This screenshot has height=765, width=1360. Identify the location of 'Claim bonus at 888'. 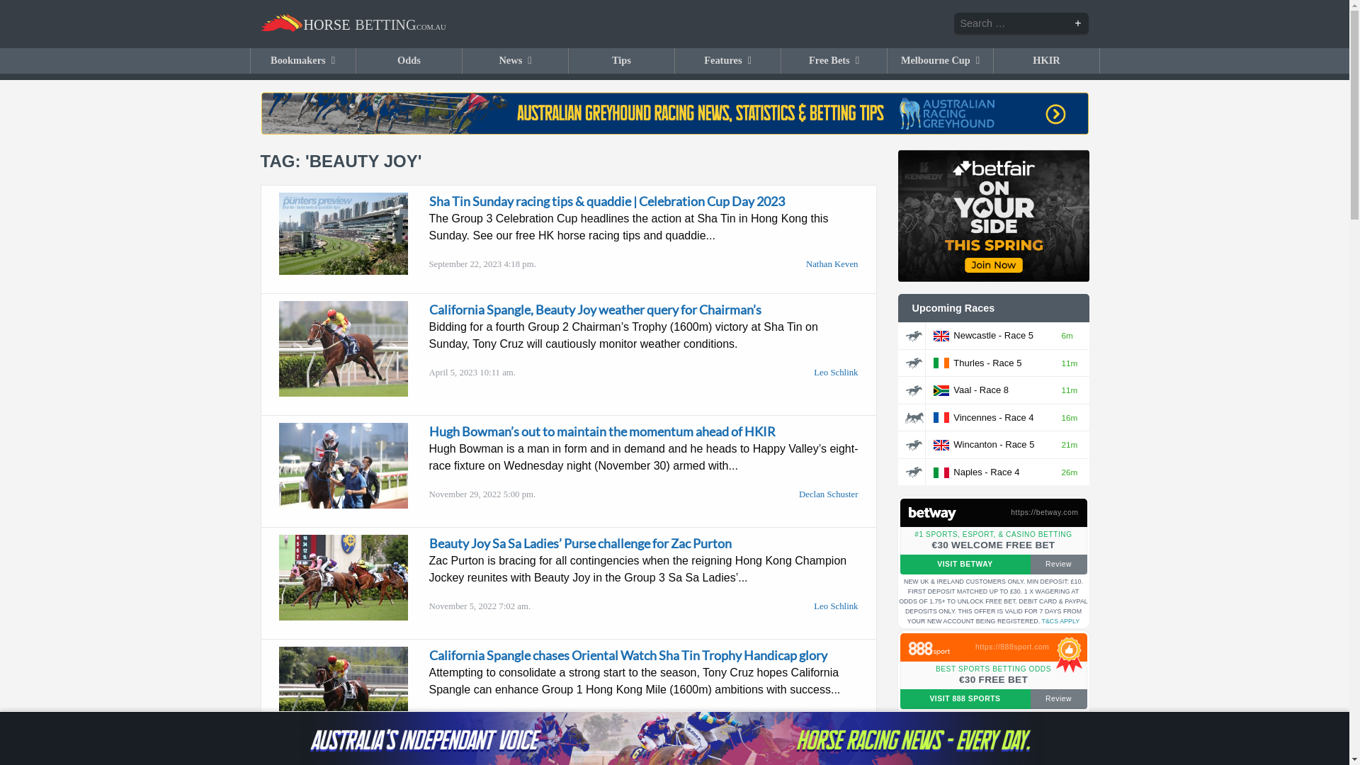
(936, 647).